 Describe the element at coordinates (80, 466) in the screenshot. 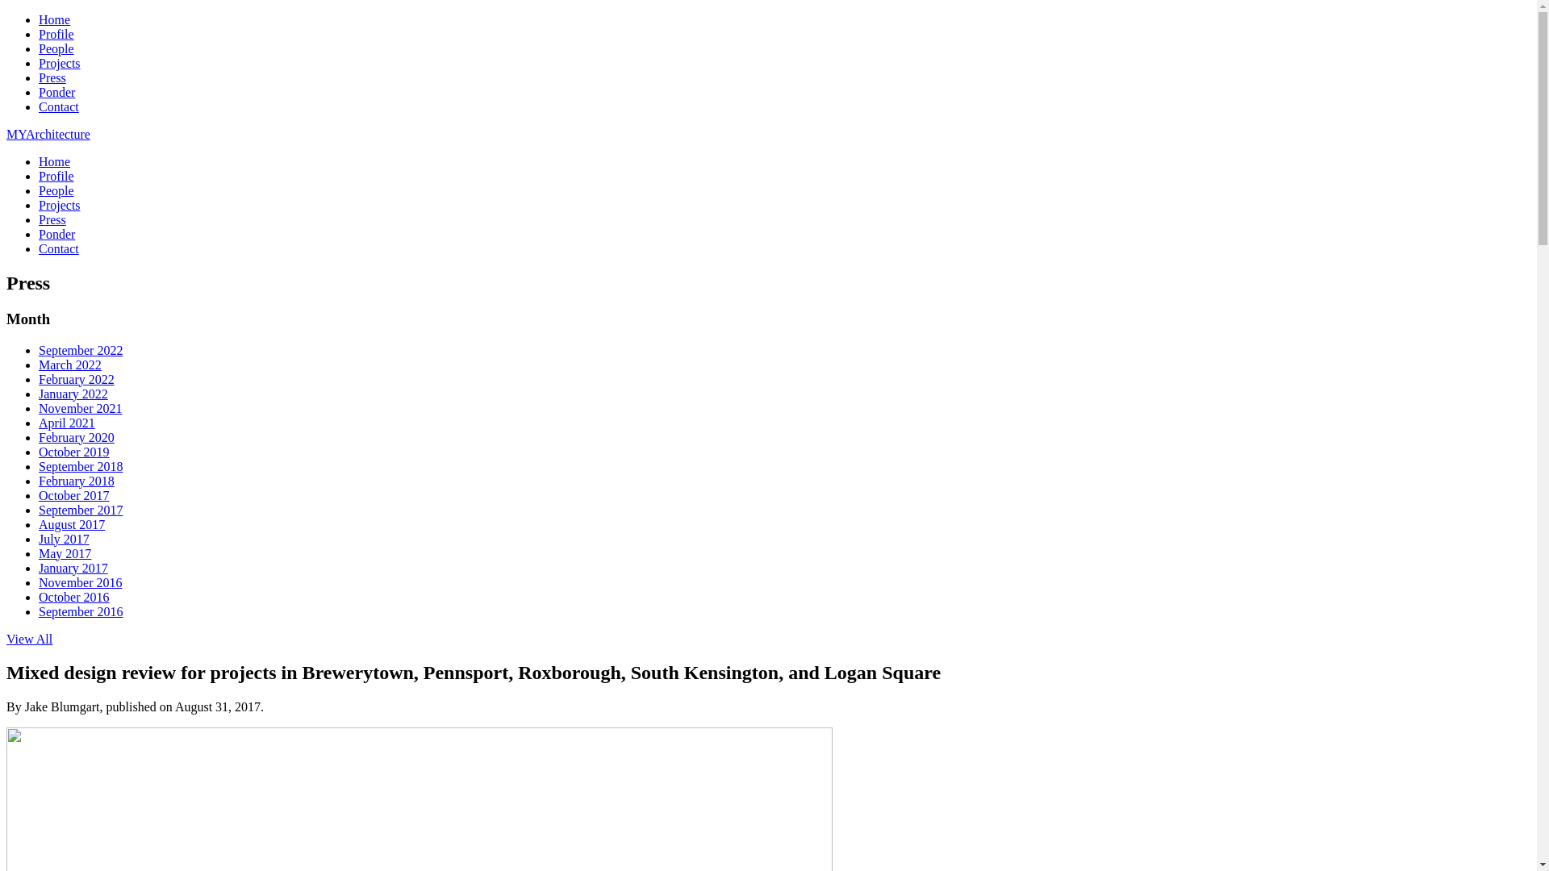

I see `'September 2018'` at that location.